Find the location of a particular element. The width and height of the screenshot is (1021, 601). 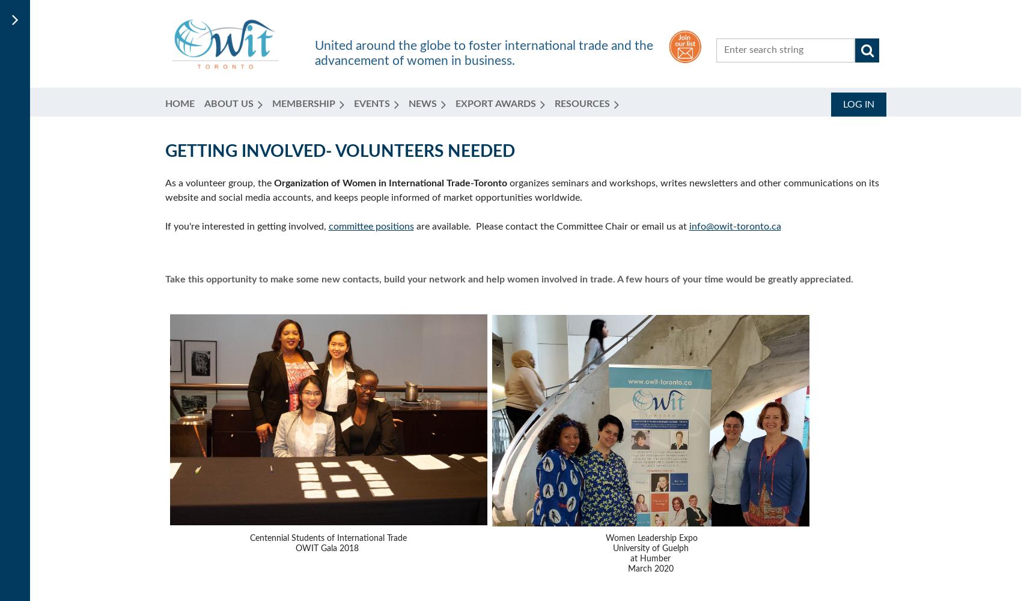

'info@owit-toronto.ca' is located at coordinates (734, 227).